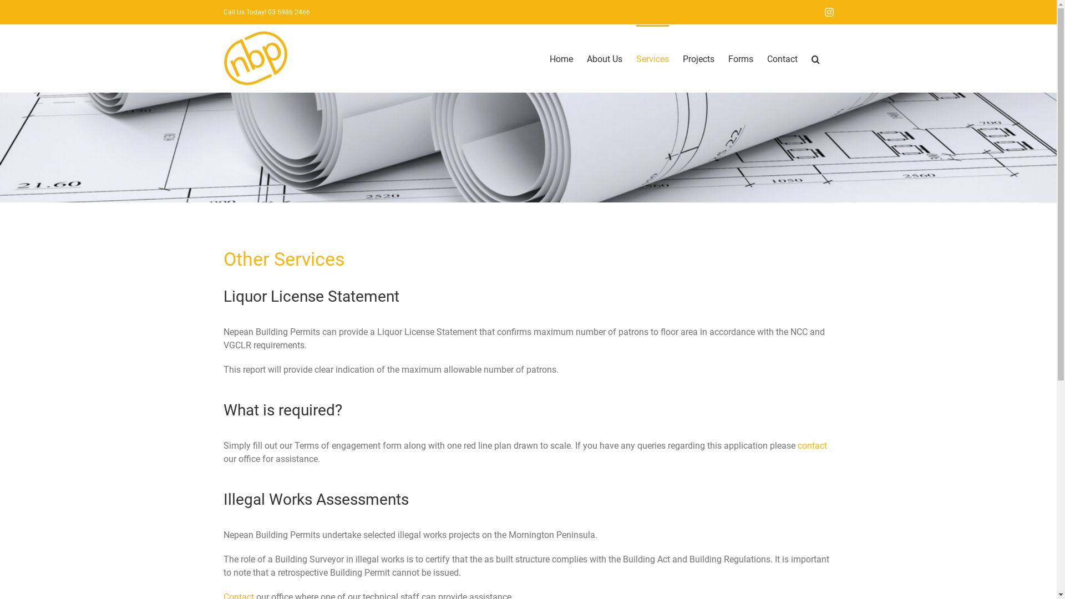 This screenshot has height=599, width=1065. What do you see at coordinates (652, 58) in the screenshot?
I see `'Services'` at bounding box center [652, 58].